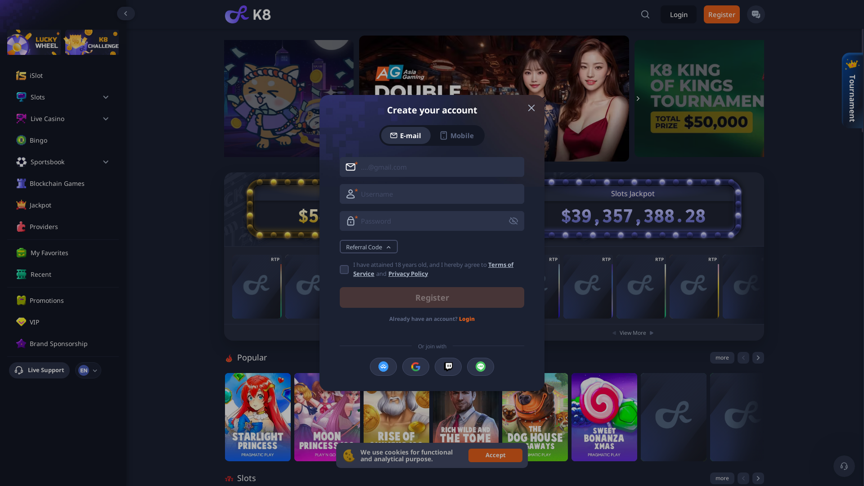 This screenshot has height=486, width=864. Describe the element at coordinates (502, 417) in the screenshot. I see `'The Dog House Megaways'` at that location.